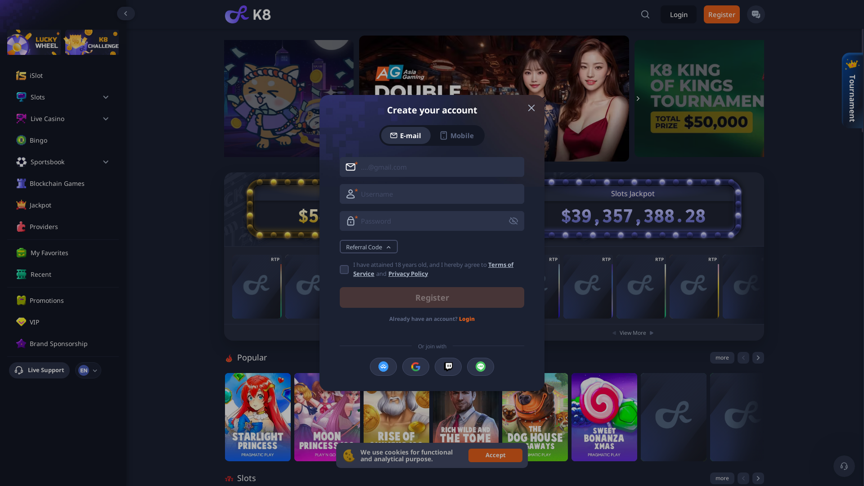 This screenshot has height=486, width=864. Describe the element at coordinates (502, 417) in the screenshot. I see `'The Dog House Megaways'` at that location.